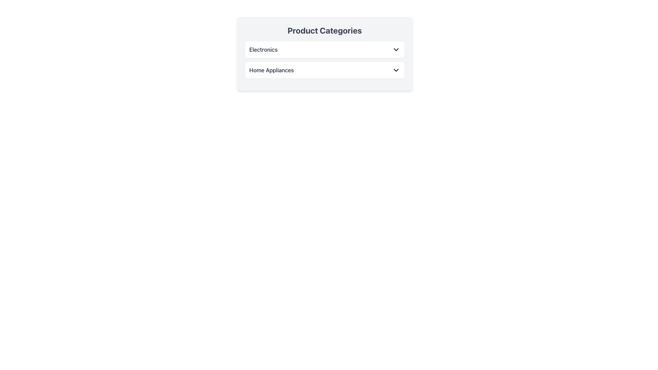 The width and height of the screenshot is (658, 370). What do you see at coordinates (396, 70) in the screenshot?
I see `the downward-facing chevron icon located on the far right side of the 'Home Appliances' row` at bounding box center [396, 70].